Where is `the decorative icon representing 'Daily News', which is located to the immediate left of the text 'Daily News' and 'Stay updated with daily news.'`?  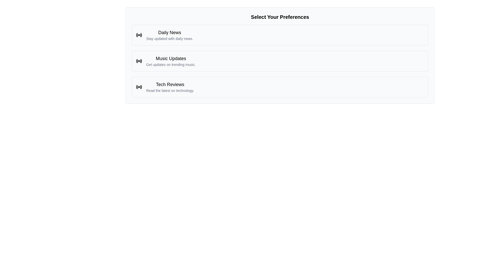
the decorative icon representing 'Daily News', which is located to the immediate left of the text 'Daily News' and 'Stay updated with daily news.' is located at coordinates (139, 35).